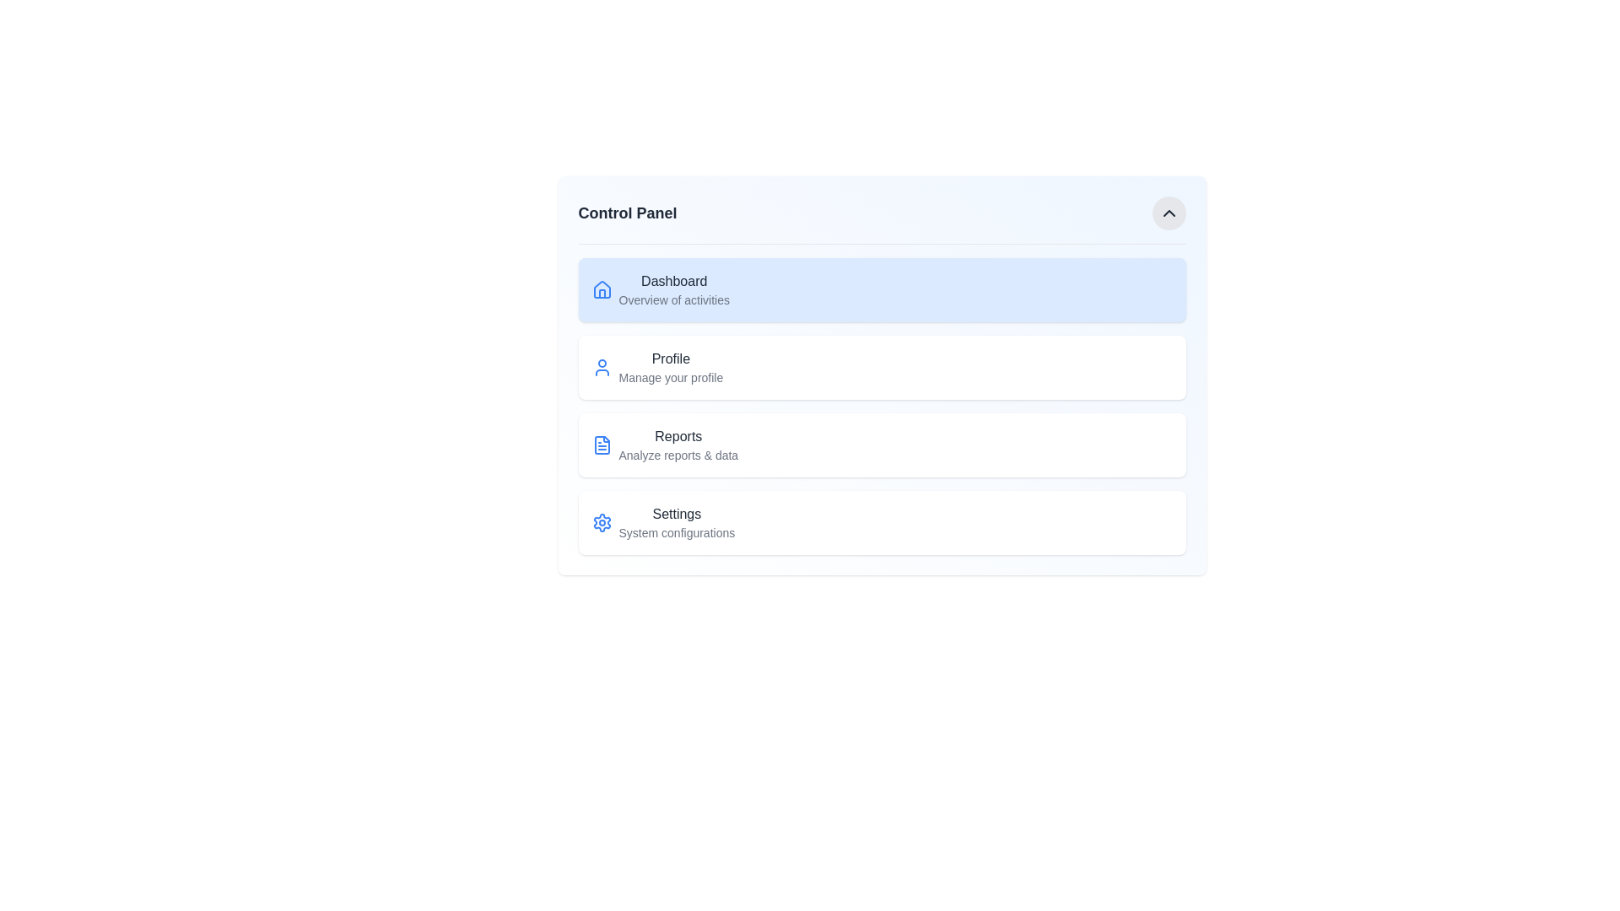 The width and height of the screenshot is (1620, 911). What do you see at coordinates (602, 445) in the screenshot?
I see `the document or file icon in the 'Reports' section of the Control Panel interface, which is represented as a rectangular shape with a folded upper-right corner` at bounding box center [602, 445].